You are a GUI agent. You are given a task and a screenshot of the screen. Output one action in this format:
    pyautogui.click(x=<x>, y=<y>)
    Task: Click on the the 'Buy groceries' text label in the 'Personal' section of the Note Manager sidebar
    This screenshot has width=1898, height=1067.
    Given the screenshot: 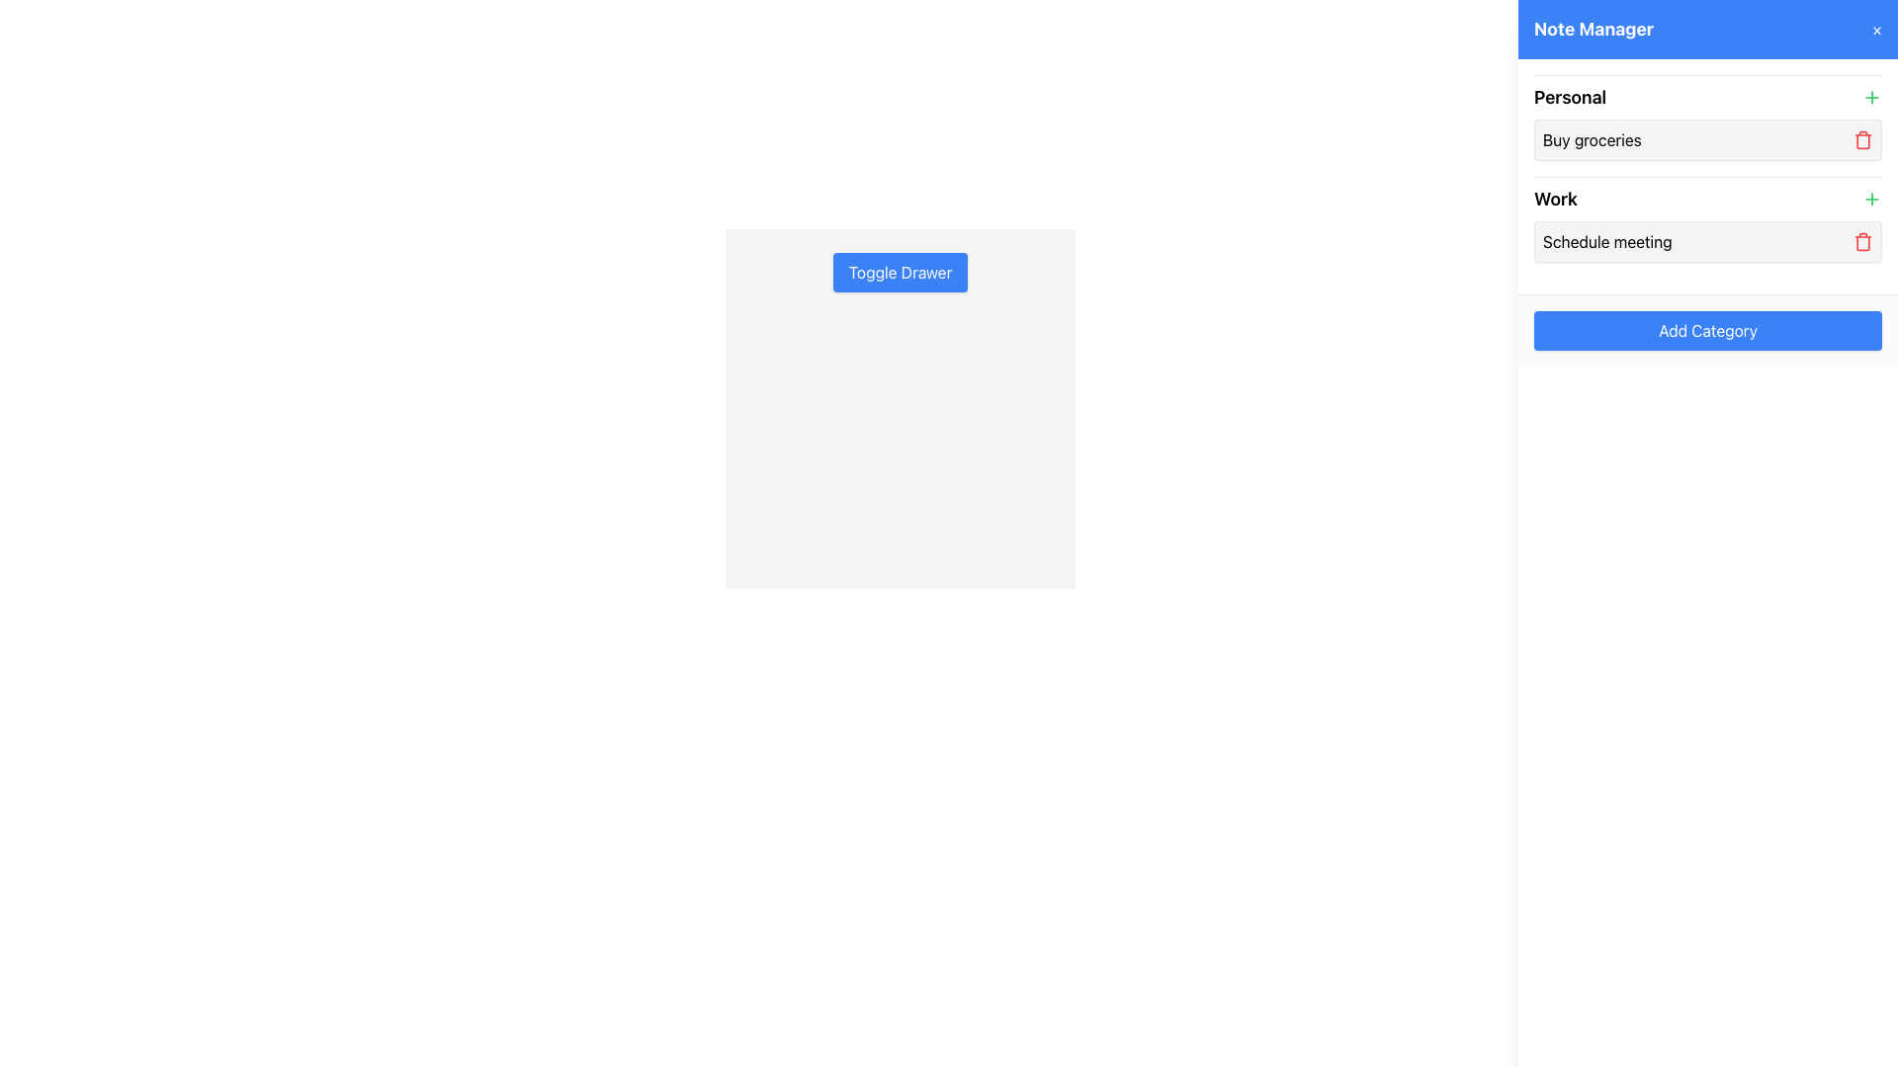 What is the action you would take?
    pyautogui.click(x=1592, y=139)
    